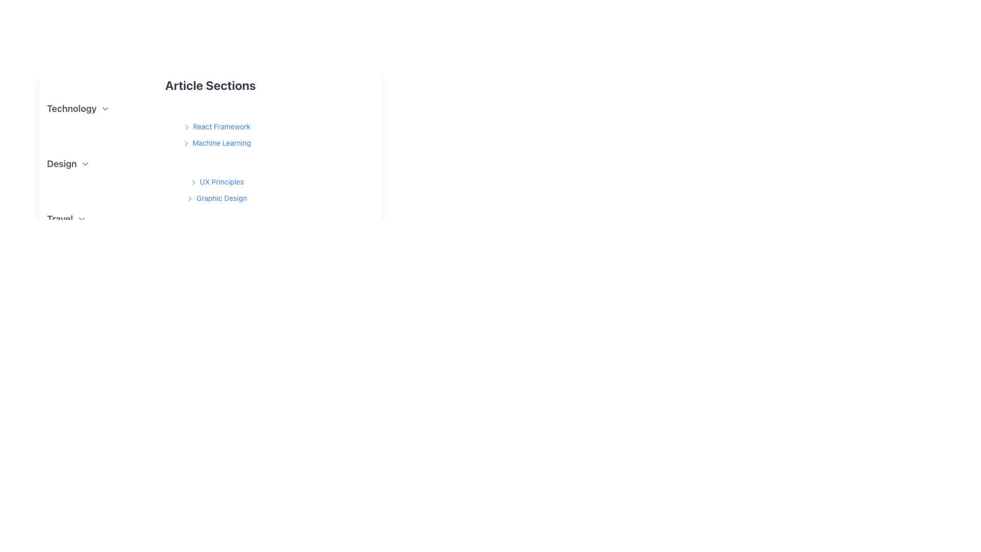  What do you see at coordinates (85, 163) in the screenshot?
I see `the chevron icon located beside the 'Design' label in the left sidebar navigation area` at bounding box center [85, 163].